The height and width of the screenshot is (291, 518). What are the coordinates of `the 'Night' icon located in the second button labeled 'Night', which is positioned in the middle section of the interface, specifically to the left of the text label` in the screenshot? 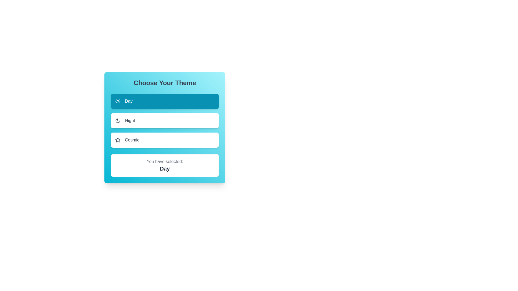 It's located at (117, 120).